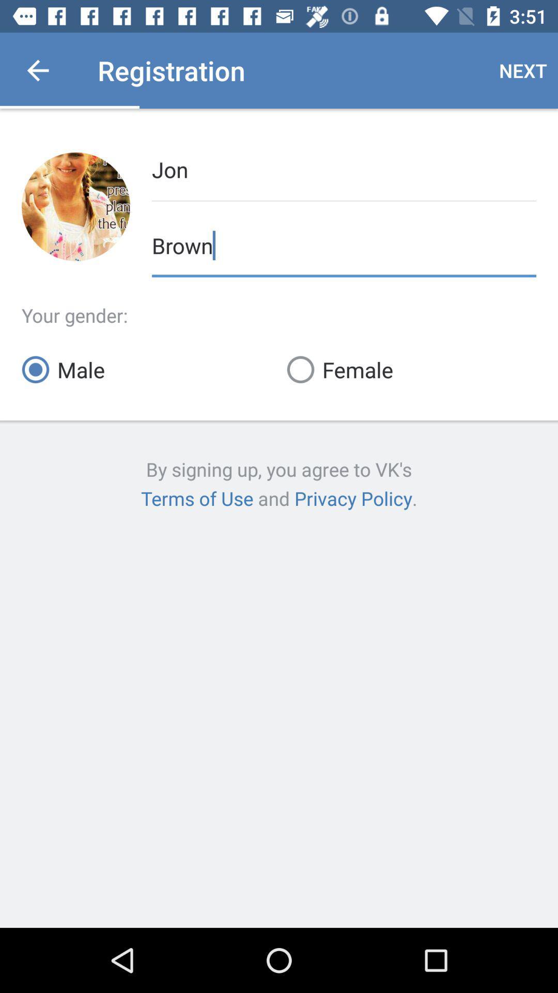  What do you see at coordinates (344, 169) in the screenshot?
I see `icon below next` at bounding box center [344, 169].